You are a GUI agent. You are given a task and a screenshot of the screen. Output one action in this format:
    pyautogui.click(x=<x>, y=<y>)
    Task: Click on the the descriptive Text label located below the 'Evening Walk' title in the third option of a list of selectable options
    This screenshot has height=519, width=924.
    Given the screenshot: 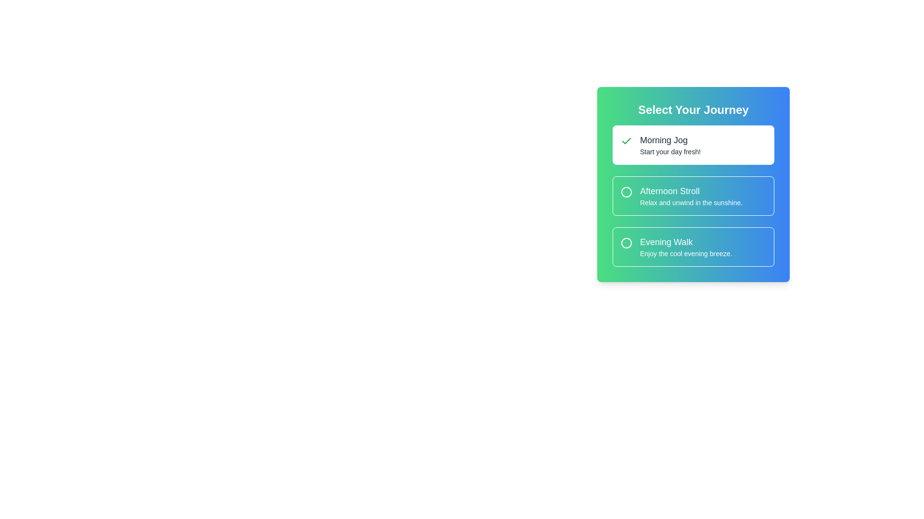 What is the action you would take?
    pyautogui.click(x=685, y=253)
    